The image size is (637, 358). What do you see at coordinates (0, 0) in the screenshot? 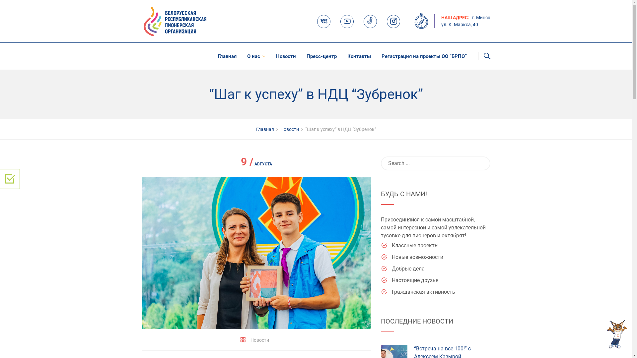
I see `'Skip to content'` at bounding box center [0, 0].